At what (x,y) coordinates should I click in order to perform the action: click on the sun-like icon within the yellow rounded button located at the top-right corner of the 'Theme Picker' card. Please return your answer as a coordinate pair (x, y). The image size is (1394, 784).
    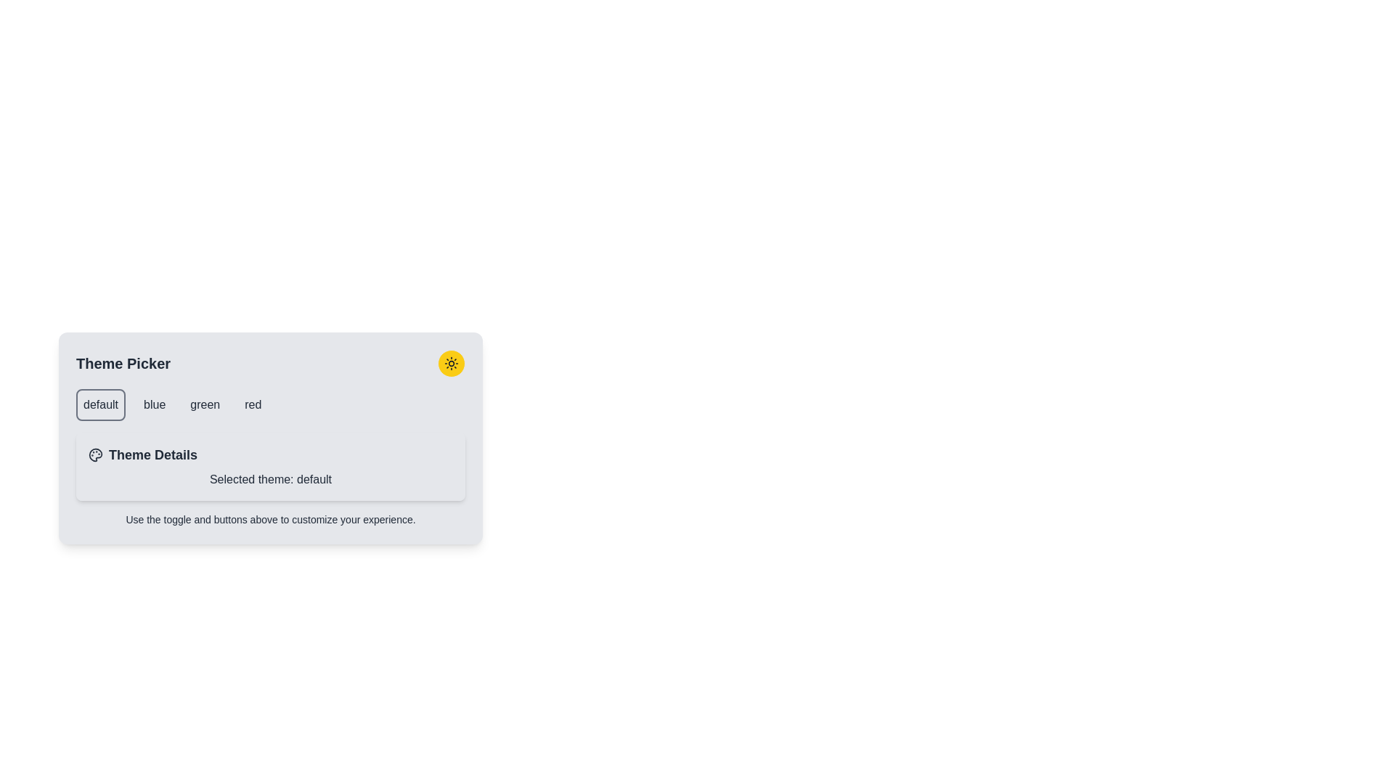
    Looking at the image, I should click on (451, 363).